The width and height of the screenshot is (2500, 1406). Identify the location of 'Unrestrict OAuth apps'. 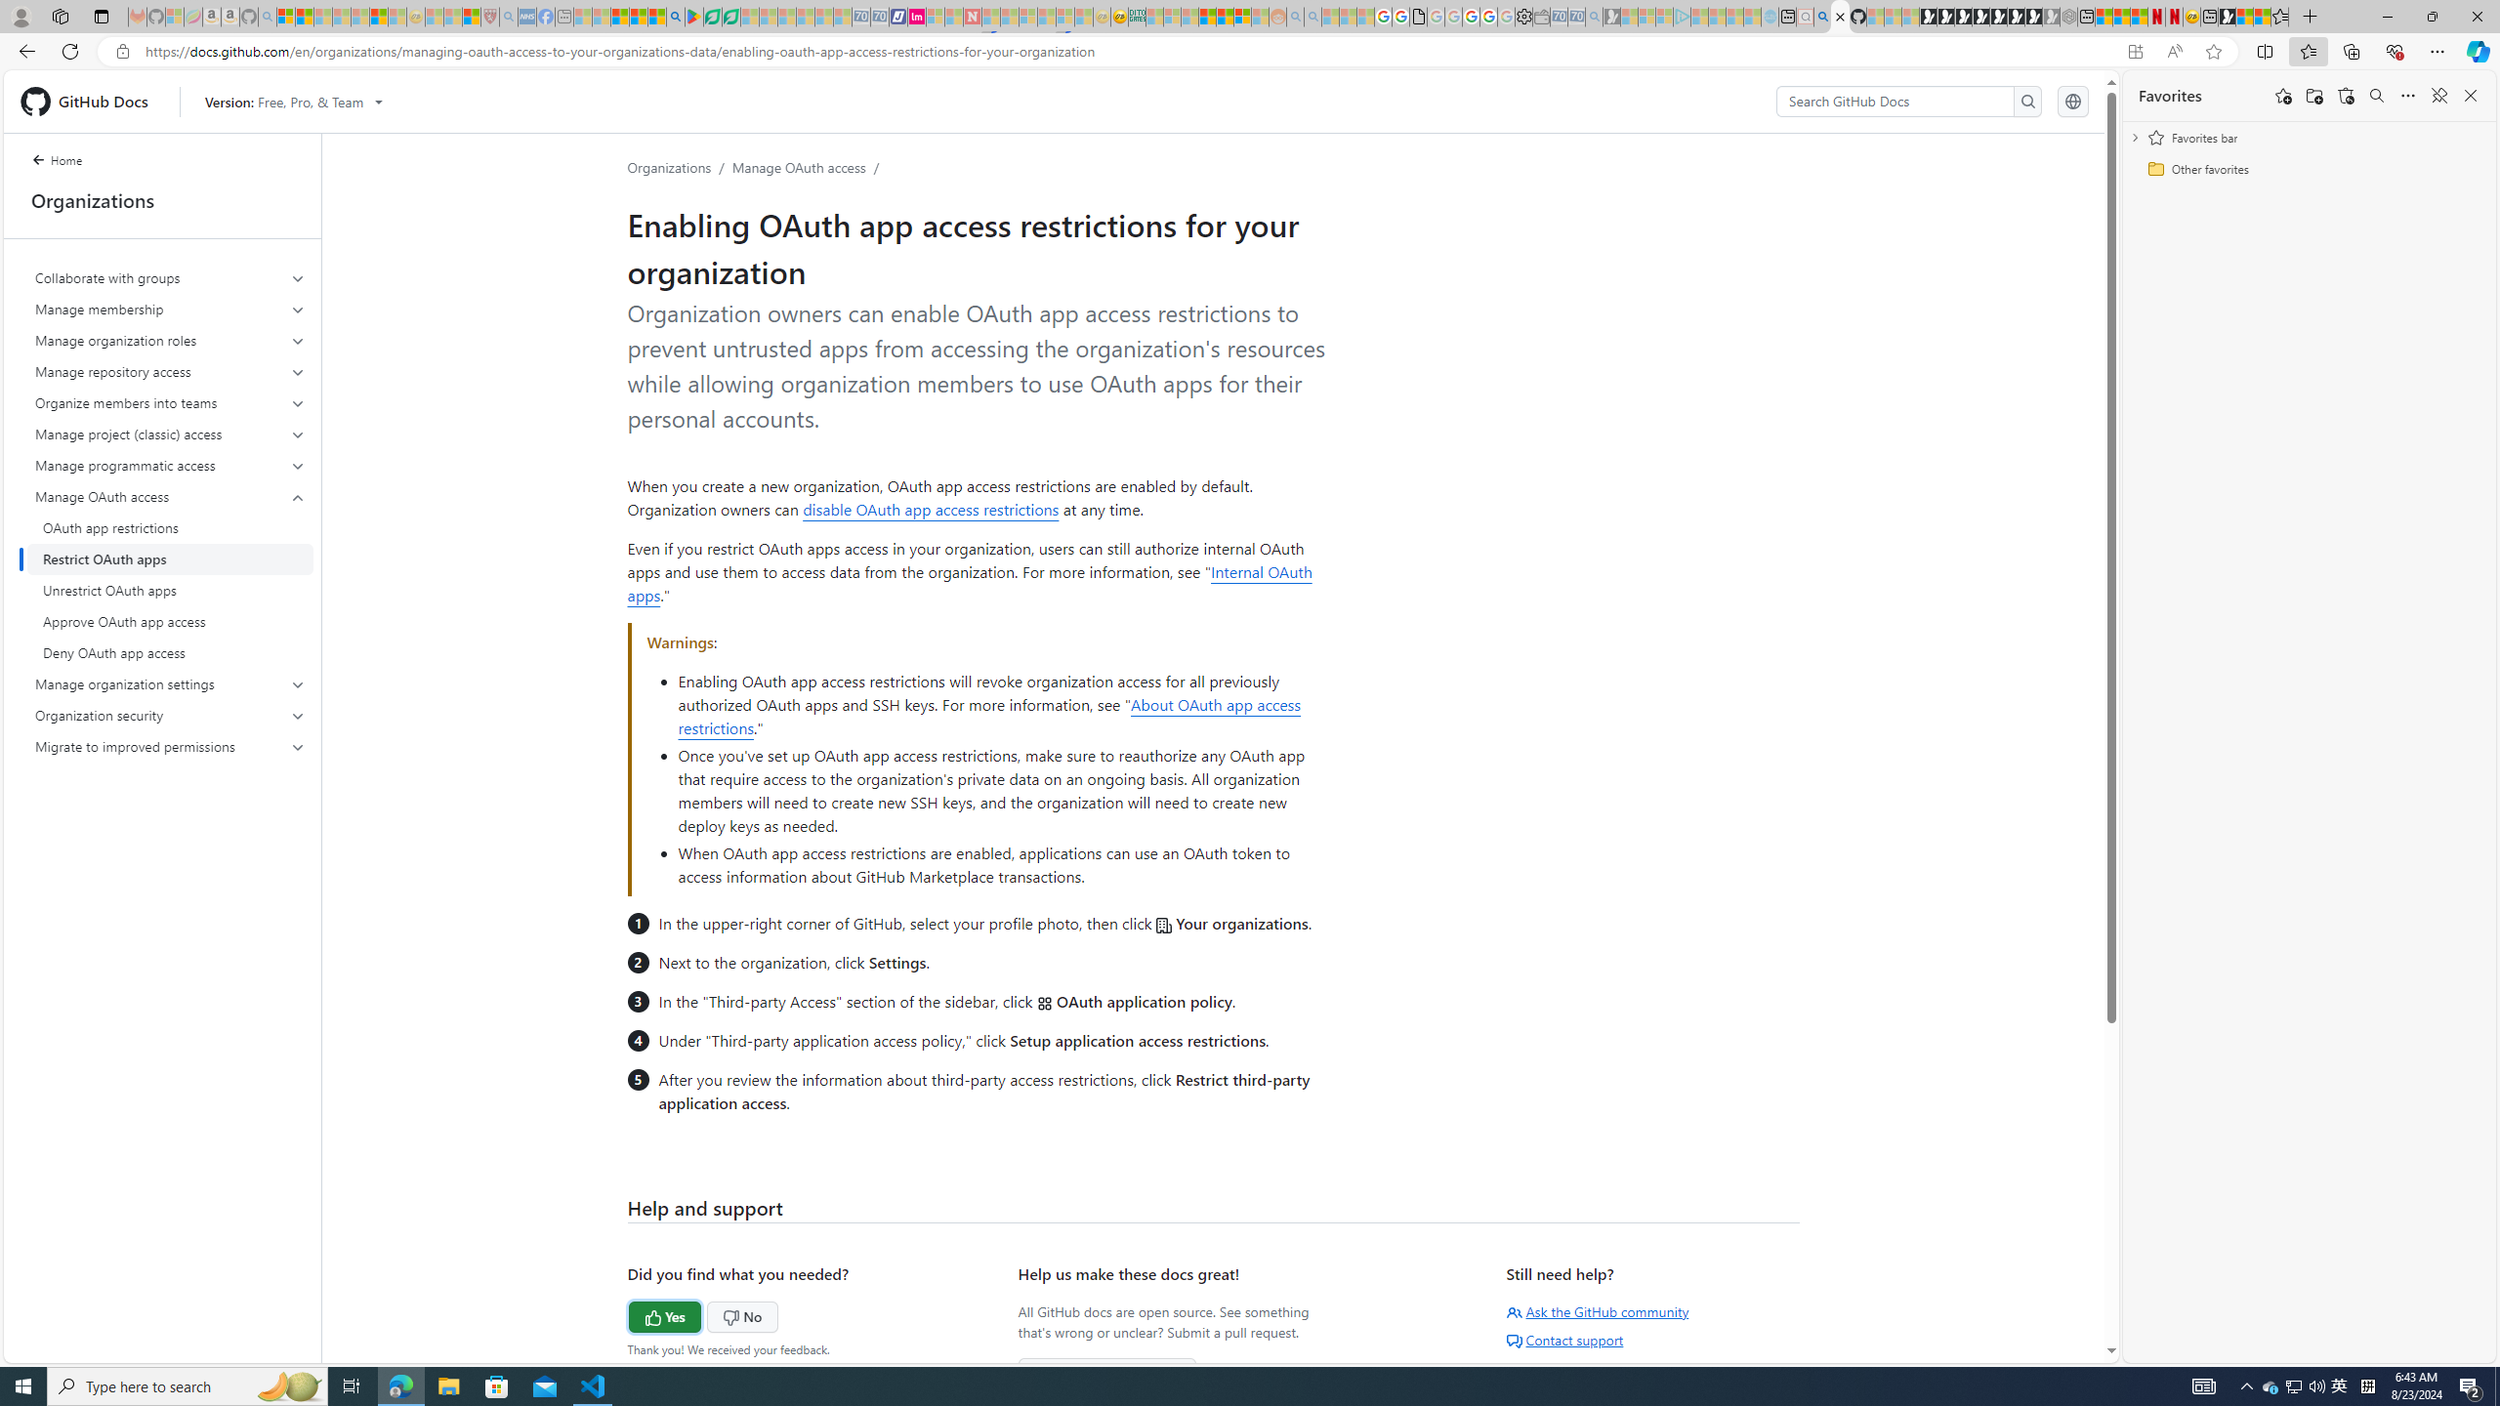
(170, 590).